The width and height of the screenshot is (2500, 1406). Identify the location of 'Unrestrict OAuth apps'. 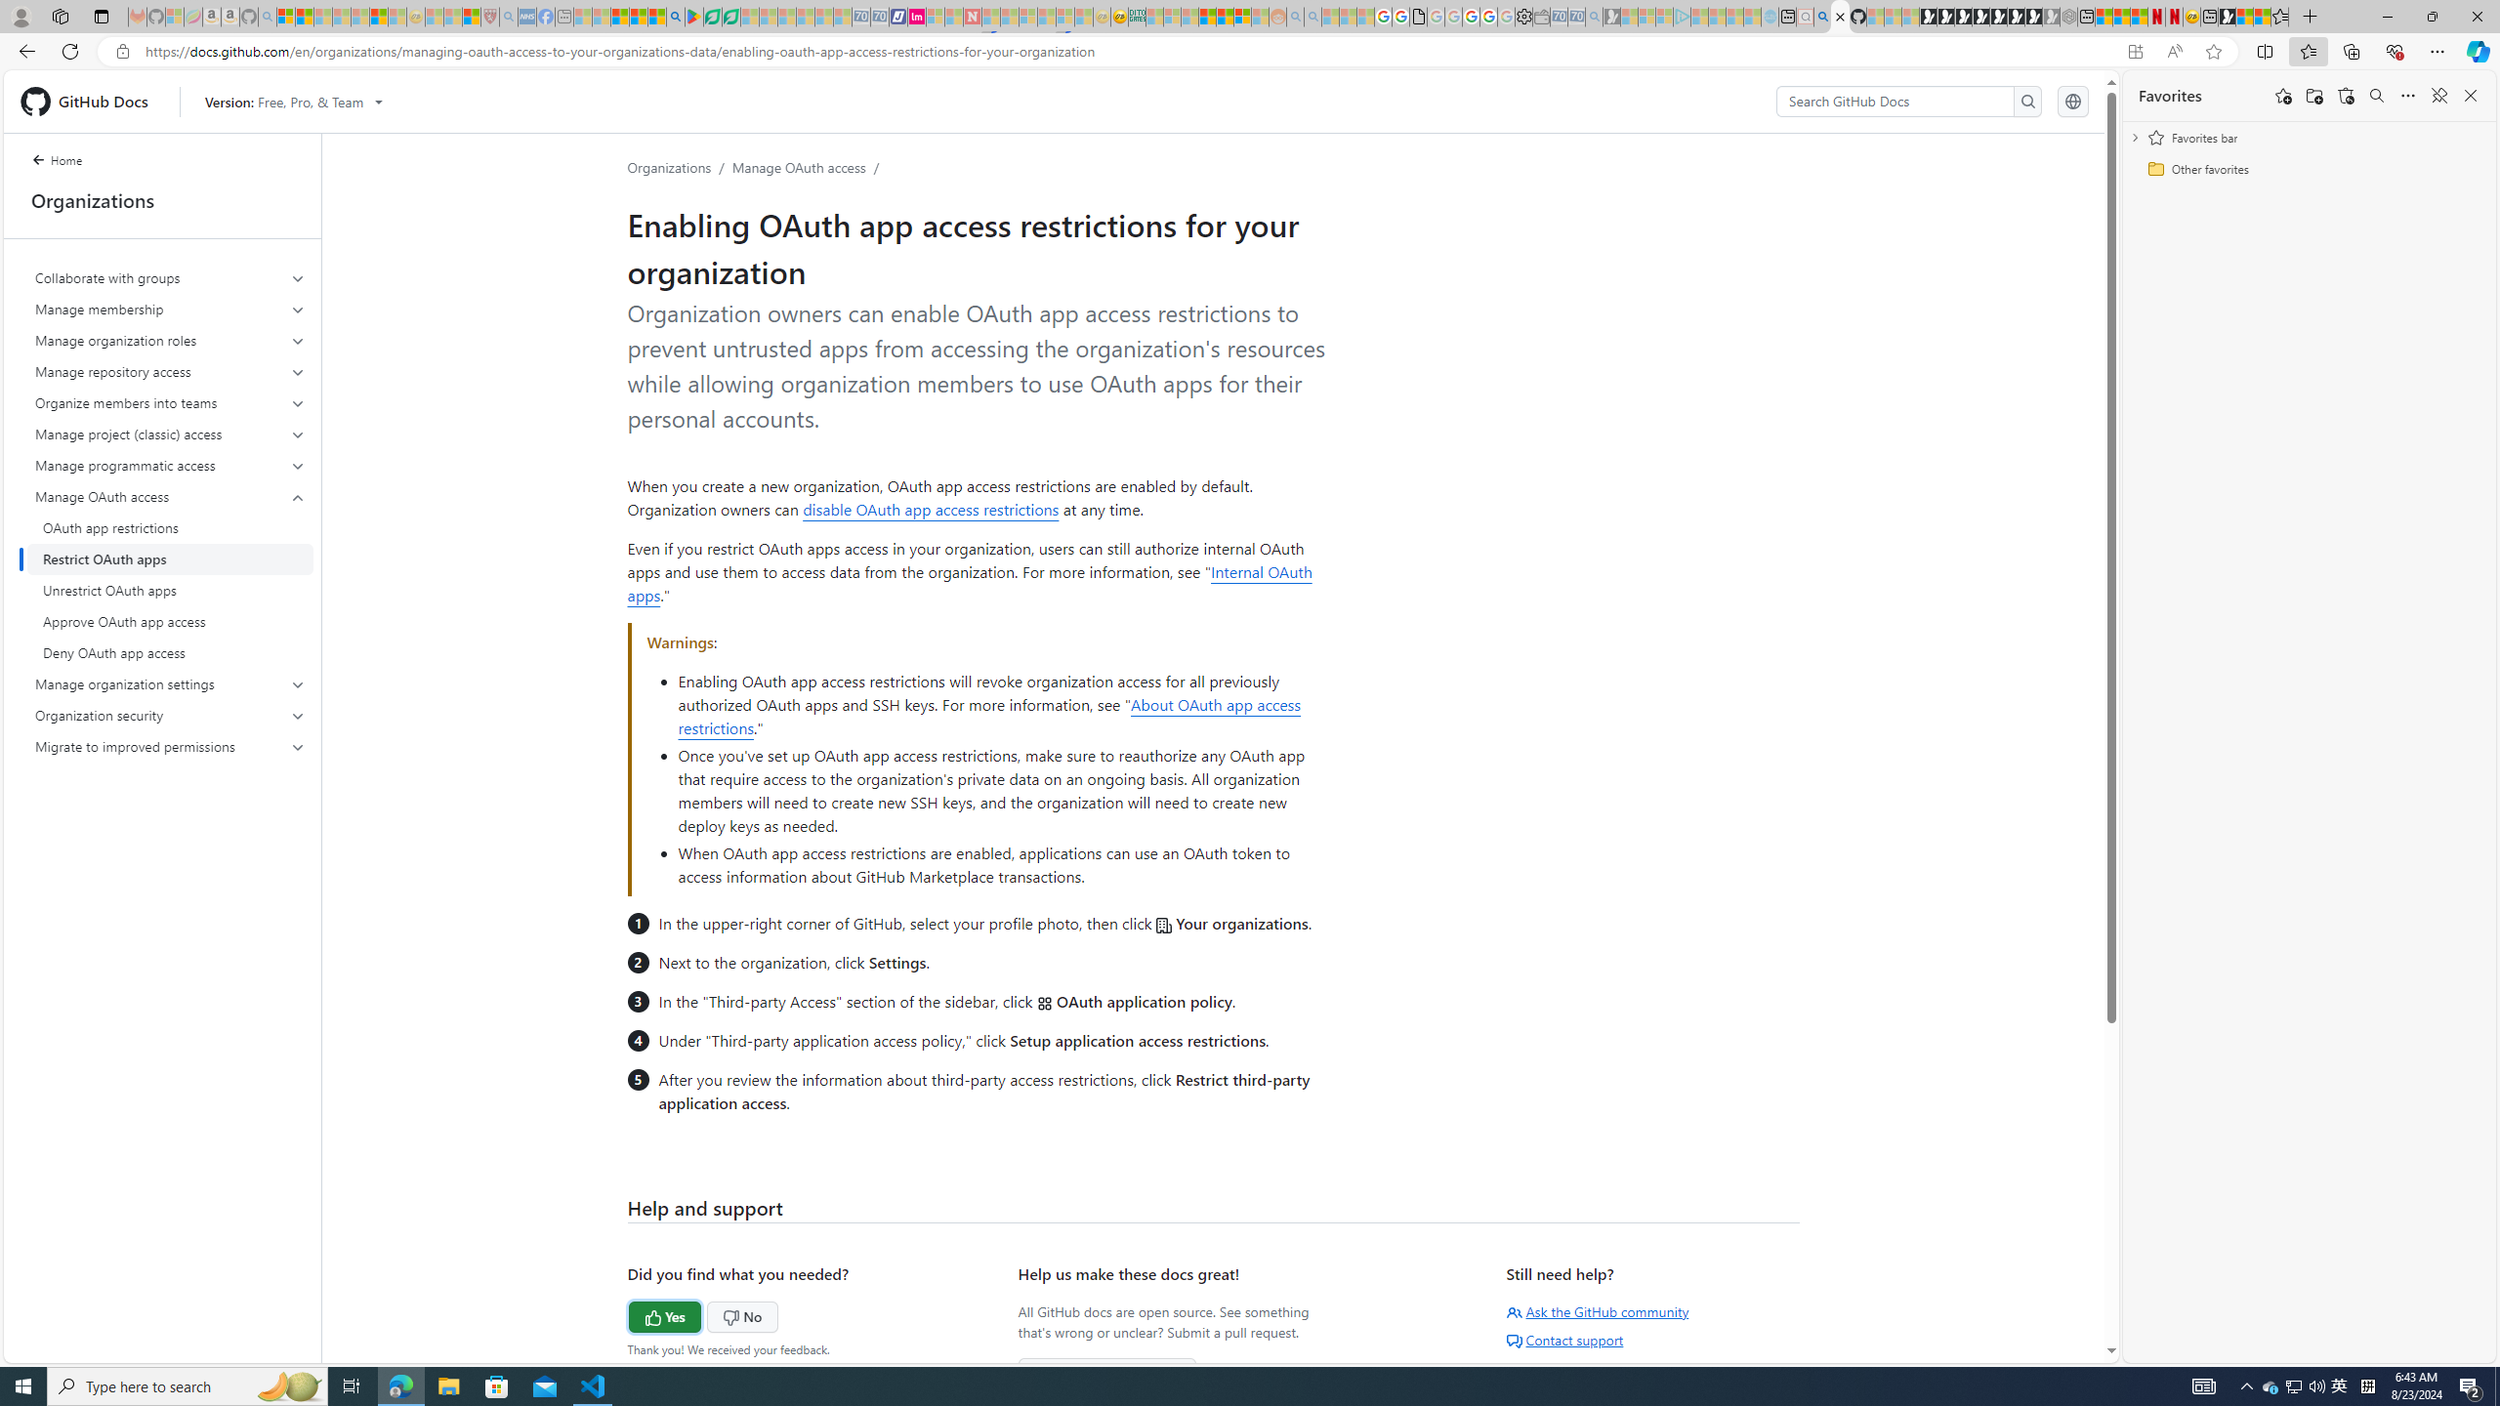
(170, 590).